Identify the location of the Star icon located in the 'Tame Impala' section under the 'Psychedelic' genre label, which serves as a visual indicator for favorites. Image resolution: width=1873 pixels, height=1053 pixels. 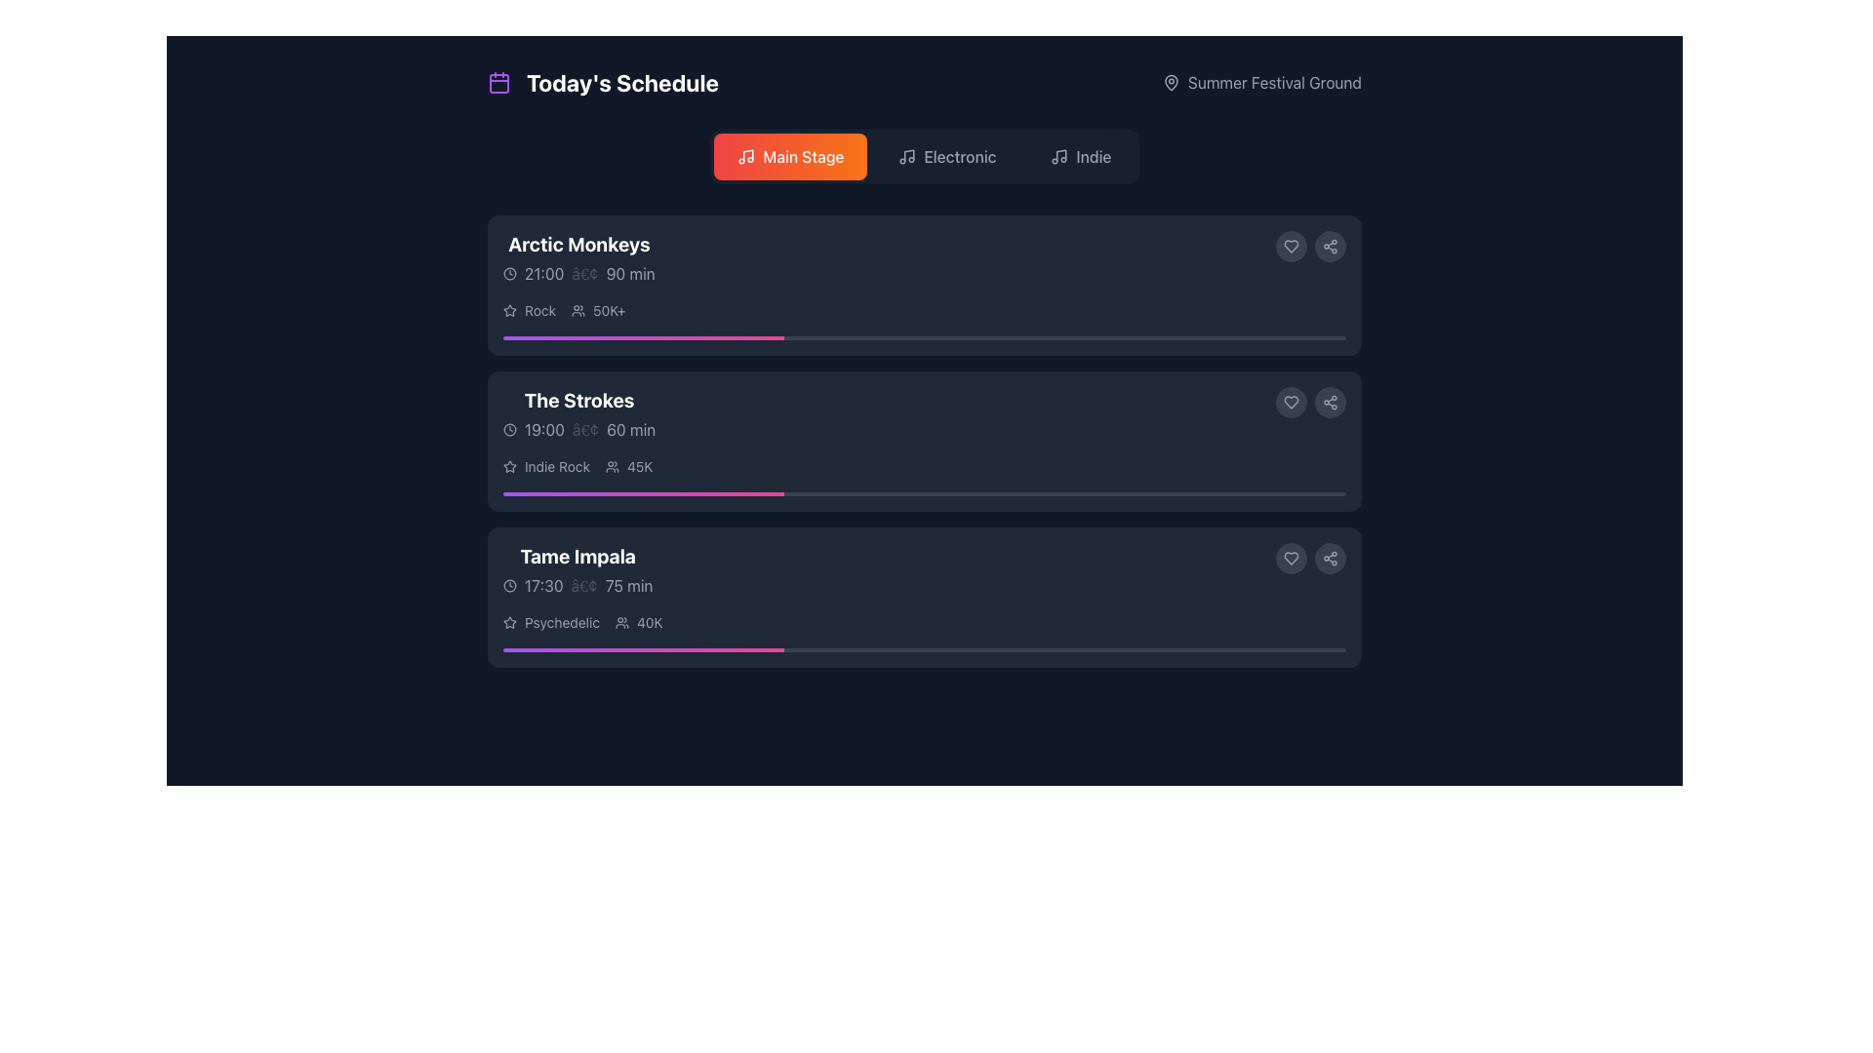
(510, 623).